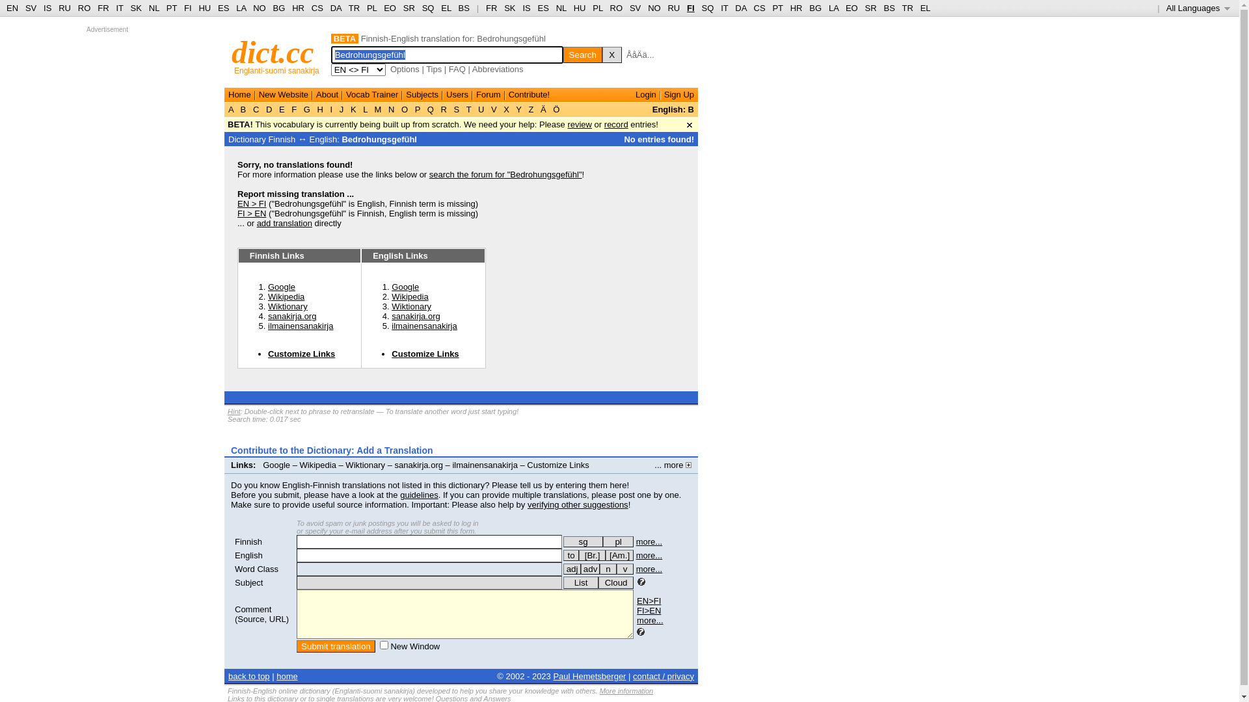  Describe the element at coordinates (327, 94) in the screenshot. I see `'About'` at that location.